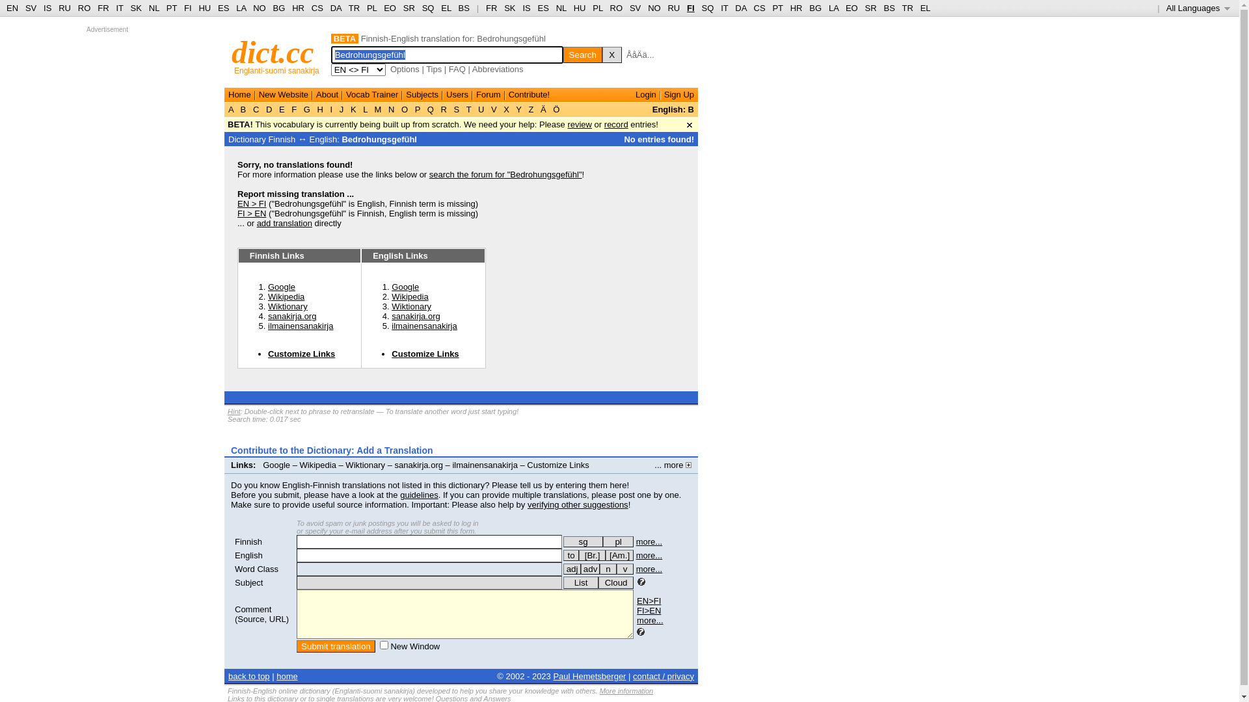  Describe the element at coordinates (327, 94) in the screenshot. I see `'About'` at that location.